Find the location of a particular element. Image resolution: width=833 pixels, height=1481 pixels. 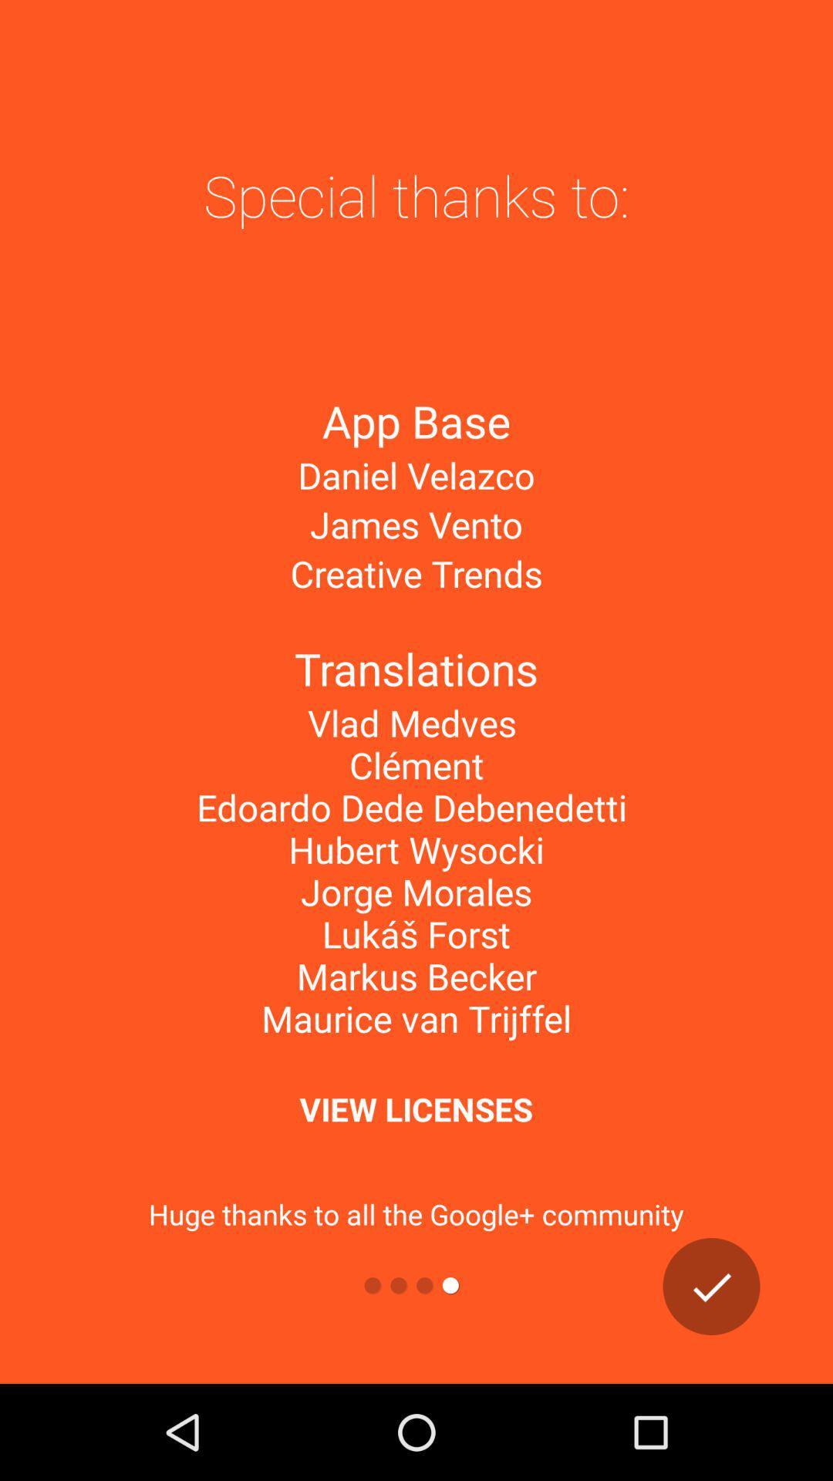

the view licenses item is located at coordinates (415, 1108).